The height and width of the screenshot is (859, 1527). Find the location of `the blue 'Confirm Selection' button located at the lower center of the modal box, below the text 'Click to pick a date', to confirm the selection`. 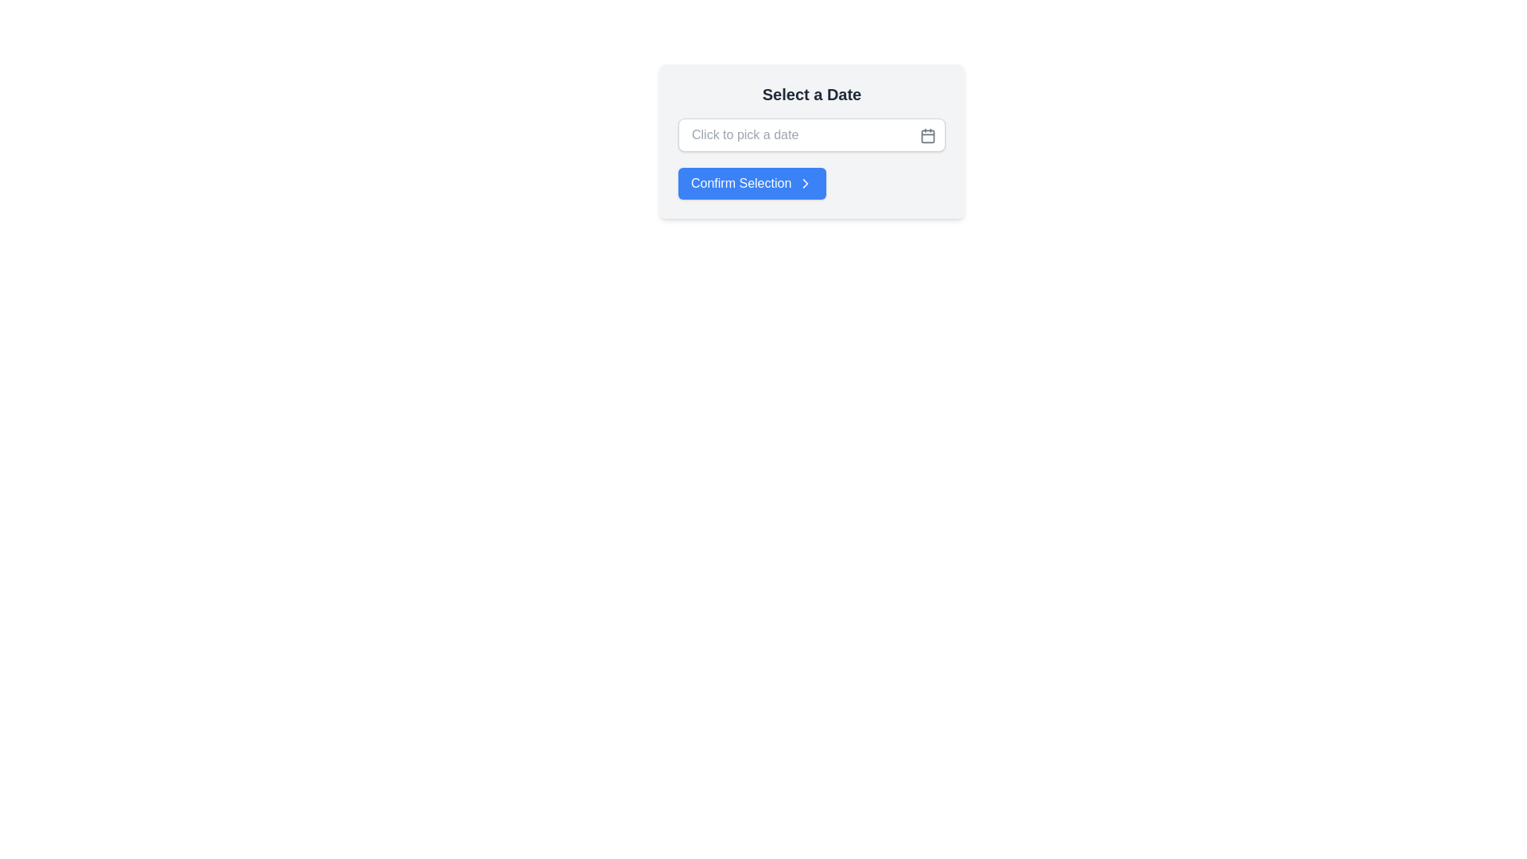

the blue 'Confirm Selection' button located at the lower center of the modal box, below the text 'Click to pick a date', to confirm the selection is located at coordinates (812, 183).